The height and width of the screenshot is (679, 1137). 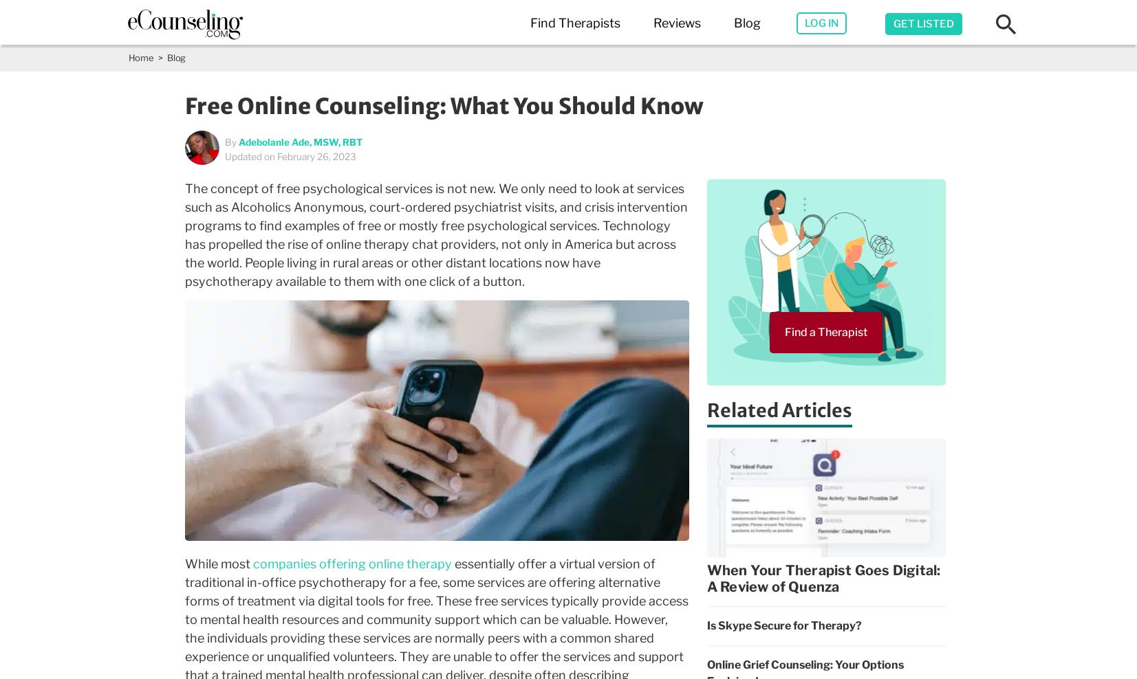 What do you see at coordinates (770, 283) in the screenshot?
I see `'ReGain Counseling Review'` at bounding box center [770, 283].